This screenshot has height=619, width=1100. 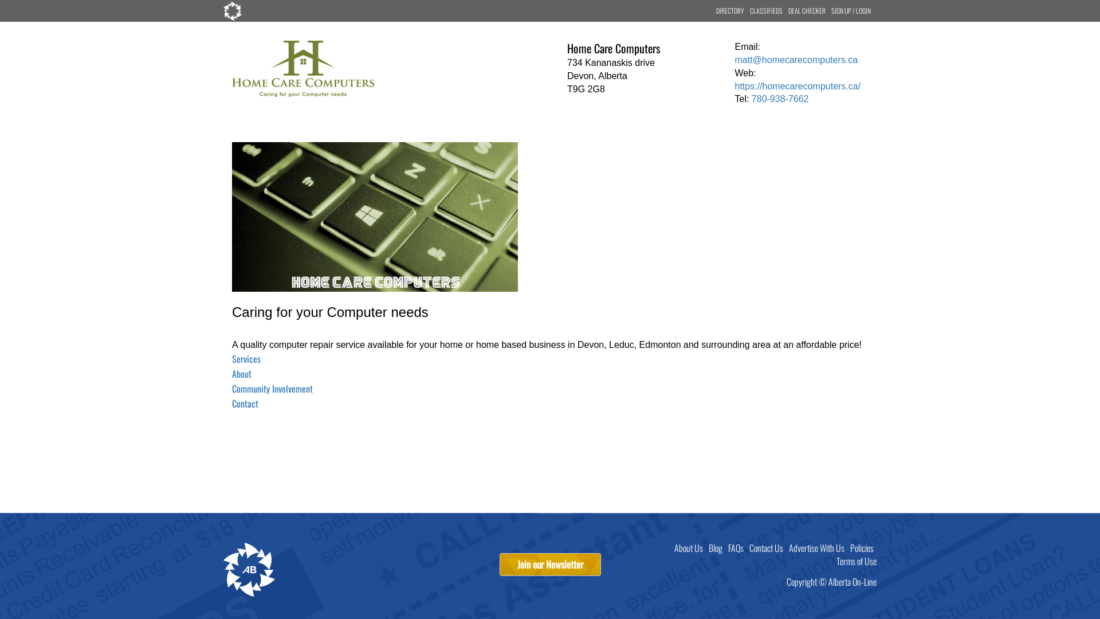 What do you see at coordinates (231, 389) in the screenshot?
I see `'Community Involvement'` at bounding box center [231, 389].